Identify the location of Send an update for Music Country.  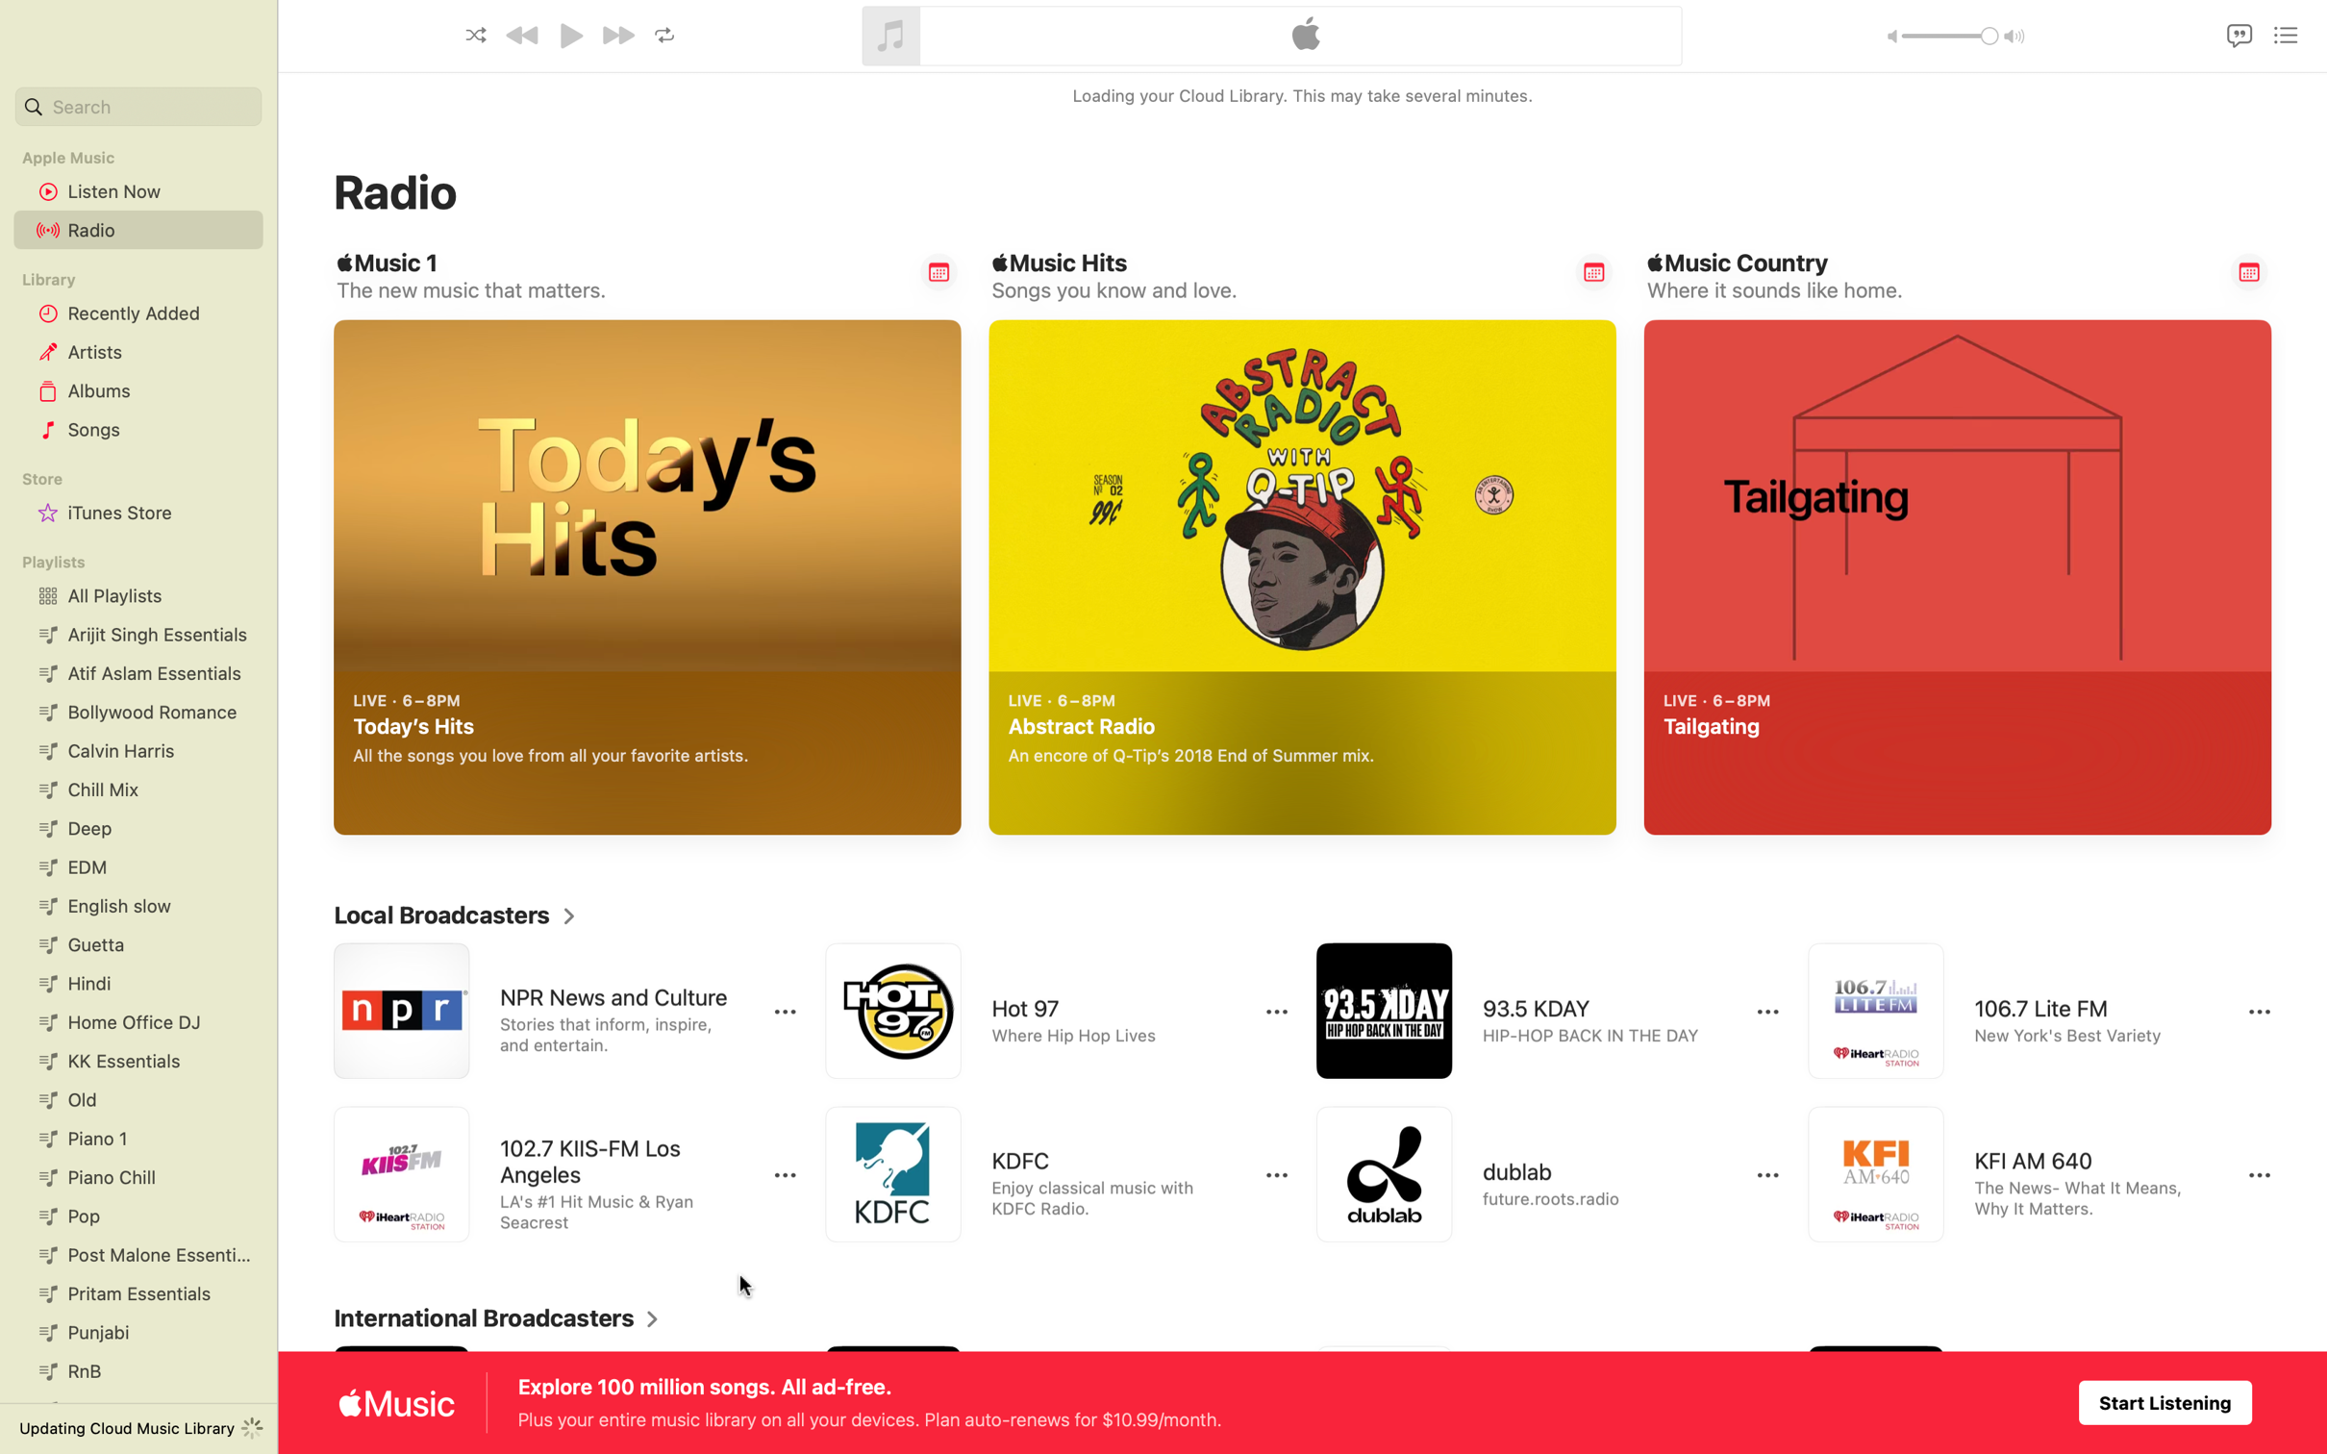
(2249, 270).